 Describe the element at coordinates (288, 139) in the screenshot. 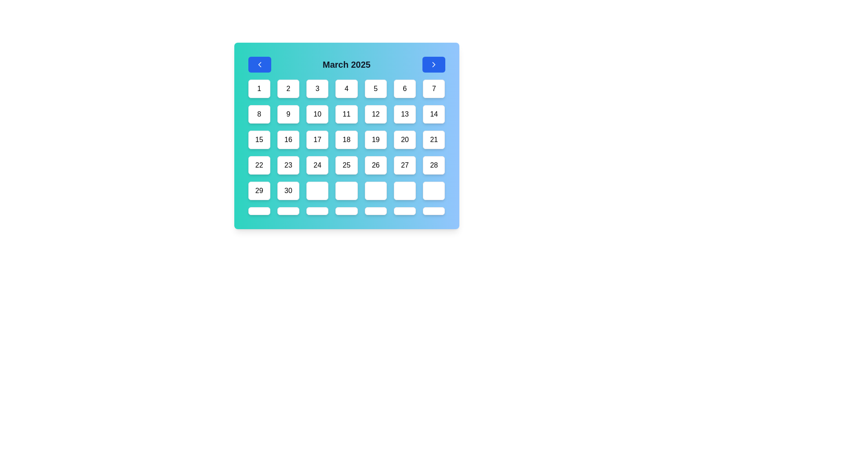

I see `the calendar date button for the 16th of March 2025, located in the third row and second column of the date grid` at that location.